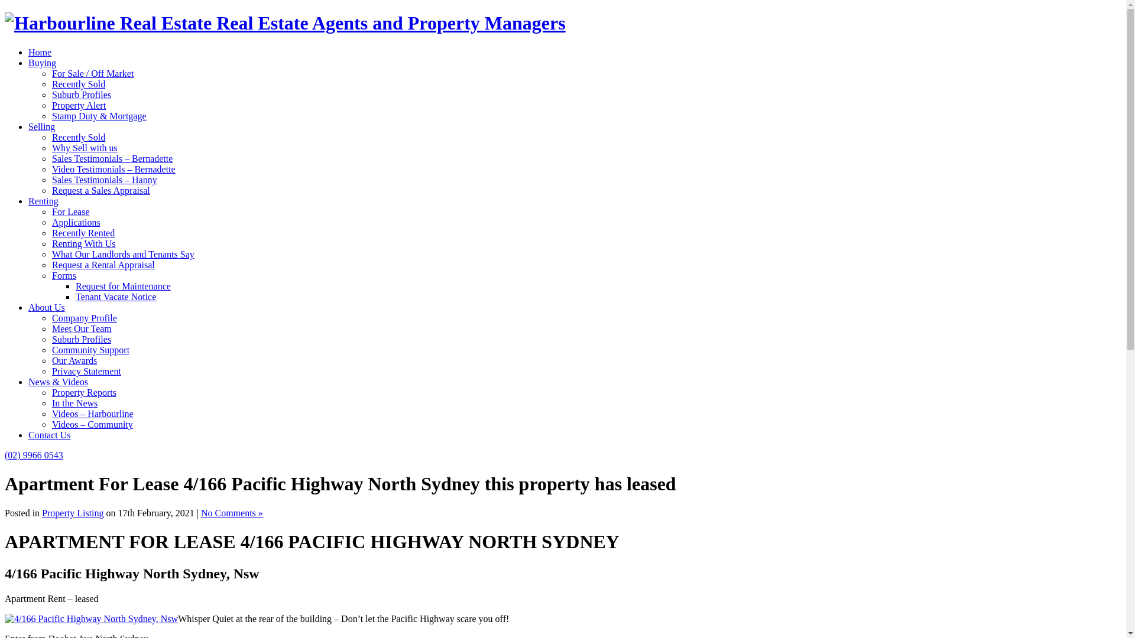 This screenshot has width=1135, height=638. Describe the element at coordinates (92, 73) in the screenshot. I see `'For Sale / Off Market'` at that location.